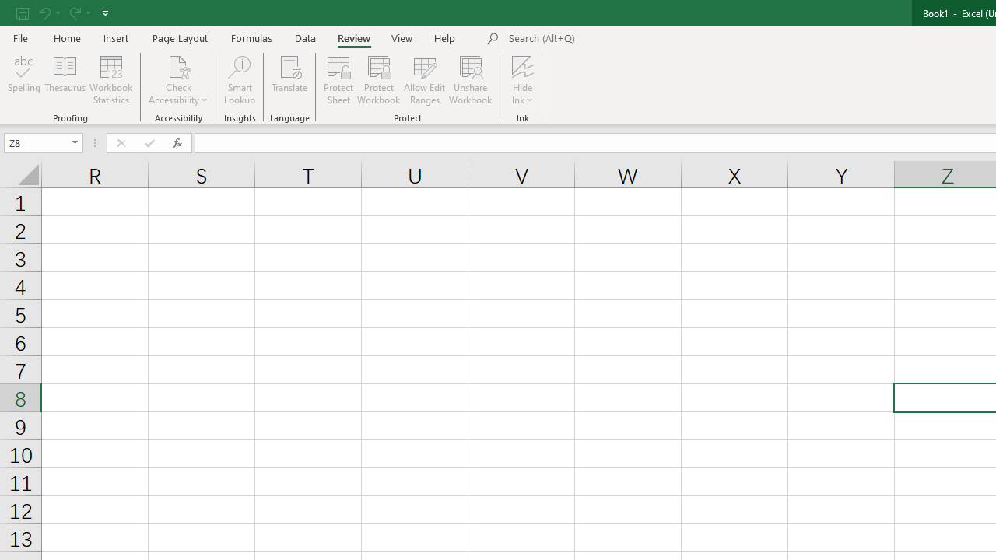 The height and width of the screenshot is (560, 996). Describe the element at coordinates (424, 80) in the screenshot. I see `'Allow Edit Ranges'` at that location.